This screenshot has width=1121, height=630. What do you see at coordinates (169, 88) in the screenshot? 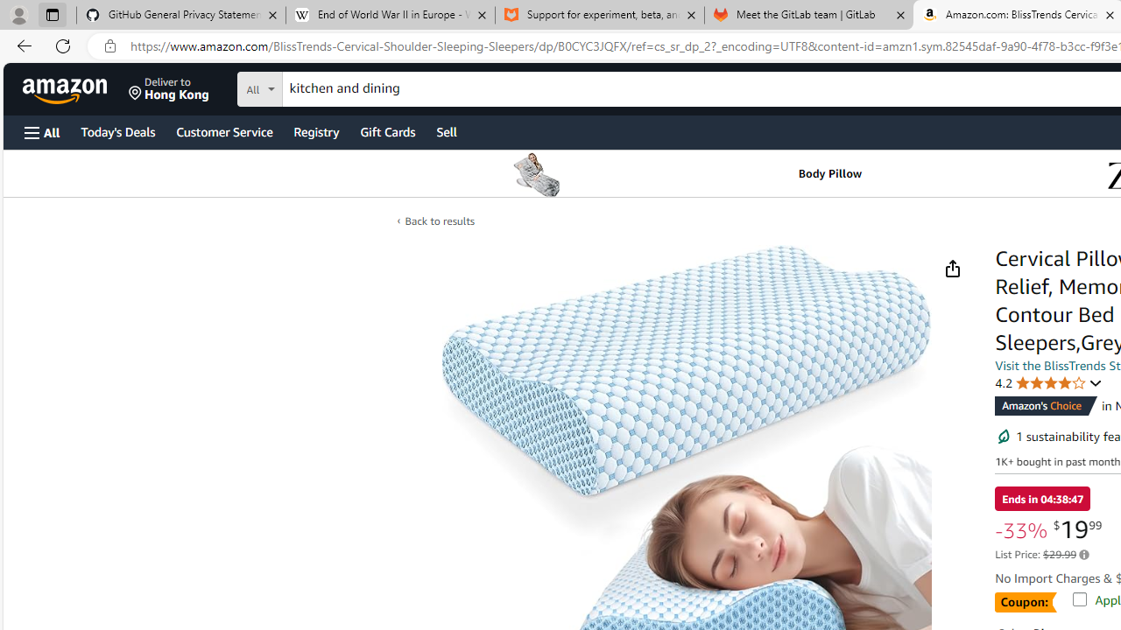
I see `'Deliver to Hong Kong'` at bounding box center [169, 88].